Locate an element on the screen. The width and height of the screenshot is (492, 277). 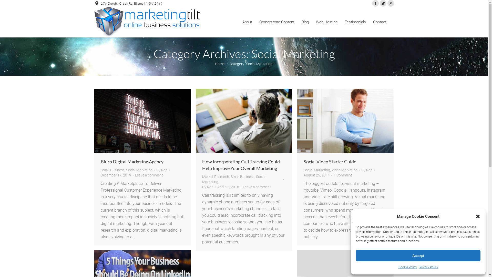
'Market Research' is located at coordinates (215, 176).